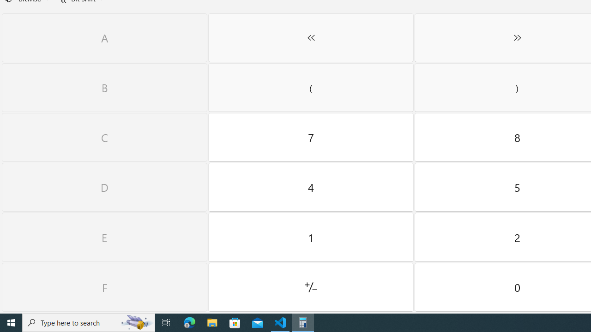  Describe the element at coordinates (104, 187) in the screenshot. I see `'D'` at that location.